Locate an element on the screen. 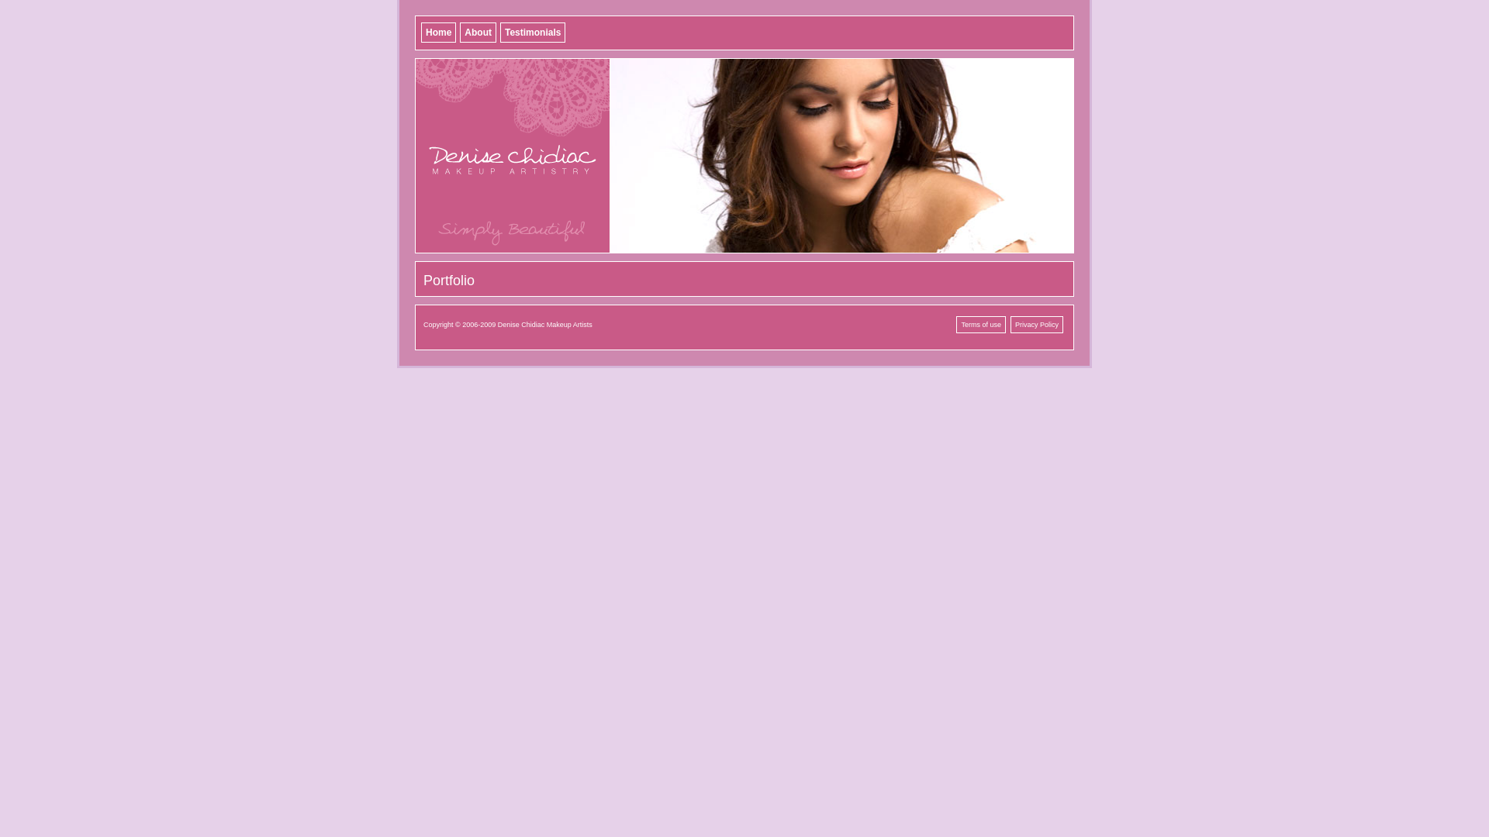  'Testimonials' is located at coordinates (532, 33).